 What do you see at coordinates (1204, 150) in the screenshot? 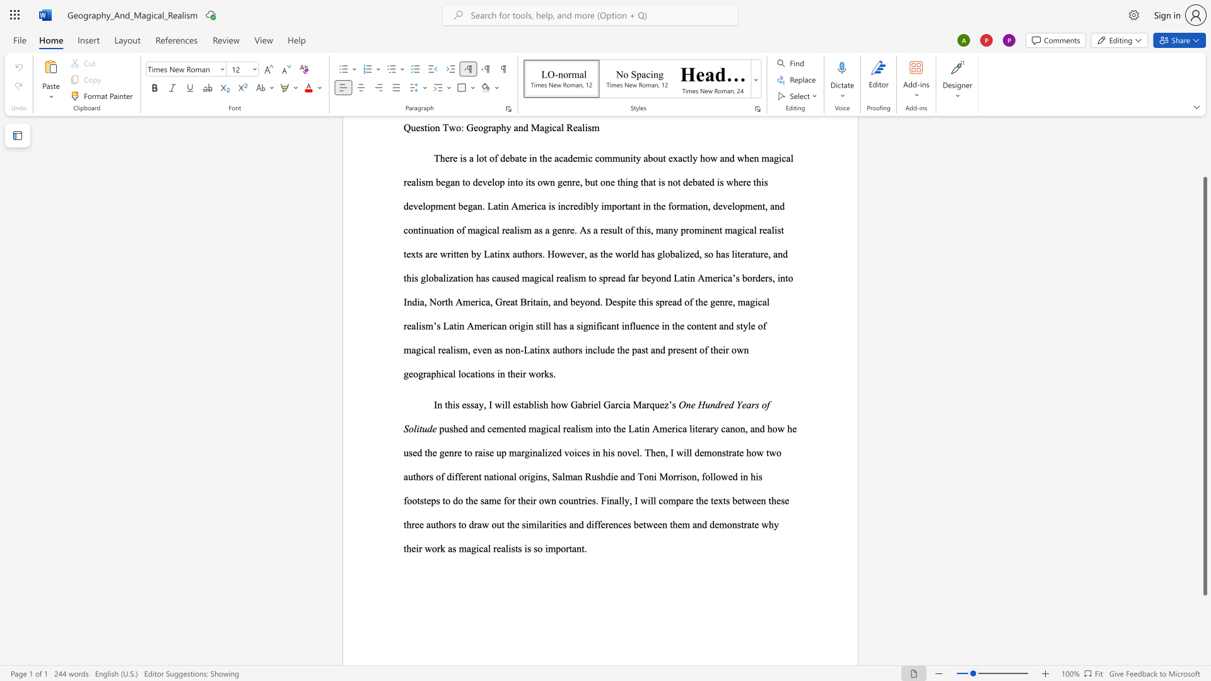
I see `the page's right scrollbar for upward movement` at bounding box center [1204, 150].